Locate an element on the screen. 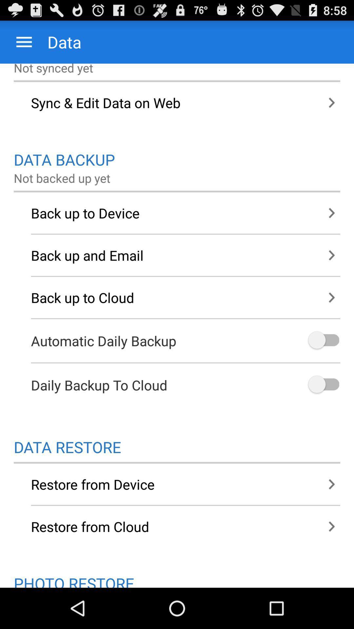  automatic daily backup option is located at coordinates (323, 341).